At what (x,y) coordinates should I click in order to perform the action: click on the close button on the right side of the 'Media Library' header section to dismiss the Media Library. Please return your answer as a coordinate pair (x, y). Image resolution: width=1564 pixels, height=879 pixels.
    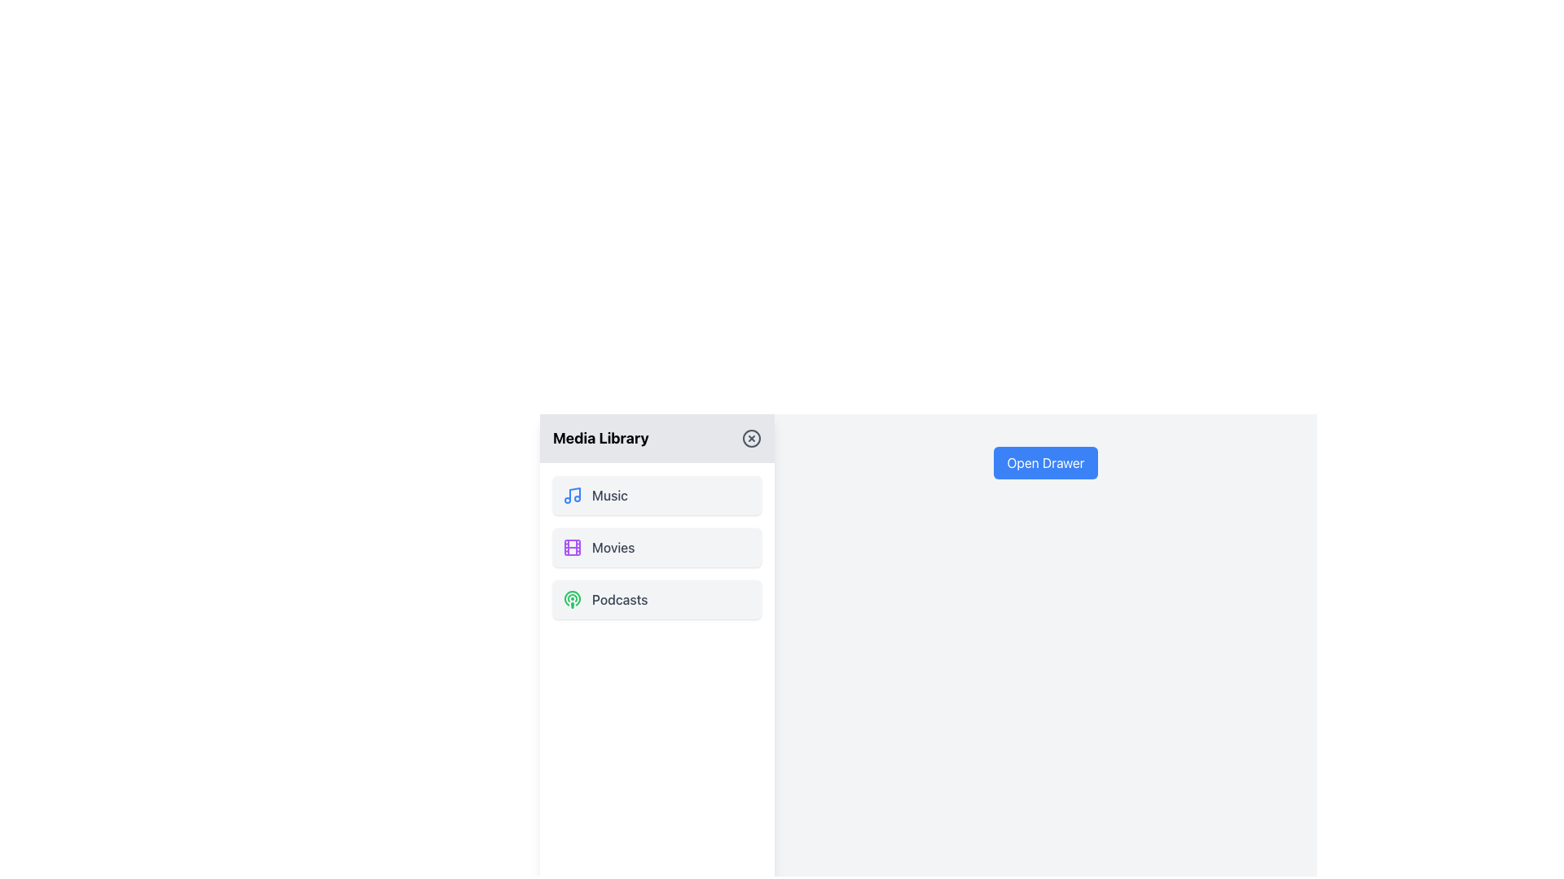
    Looking at the image, I should click on (750, 438).